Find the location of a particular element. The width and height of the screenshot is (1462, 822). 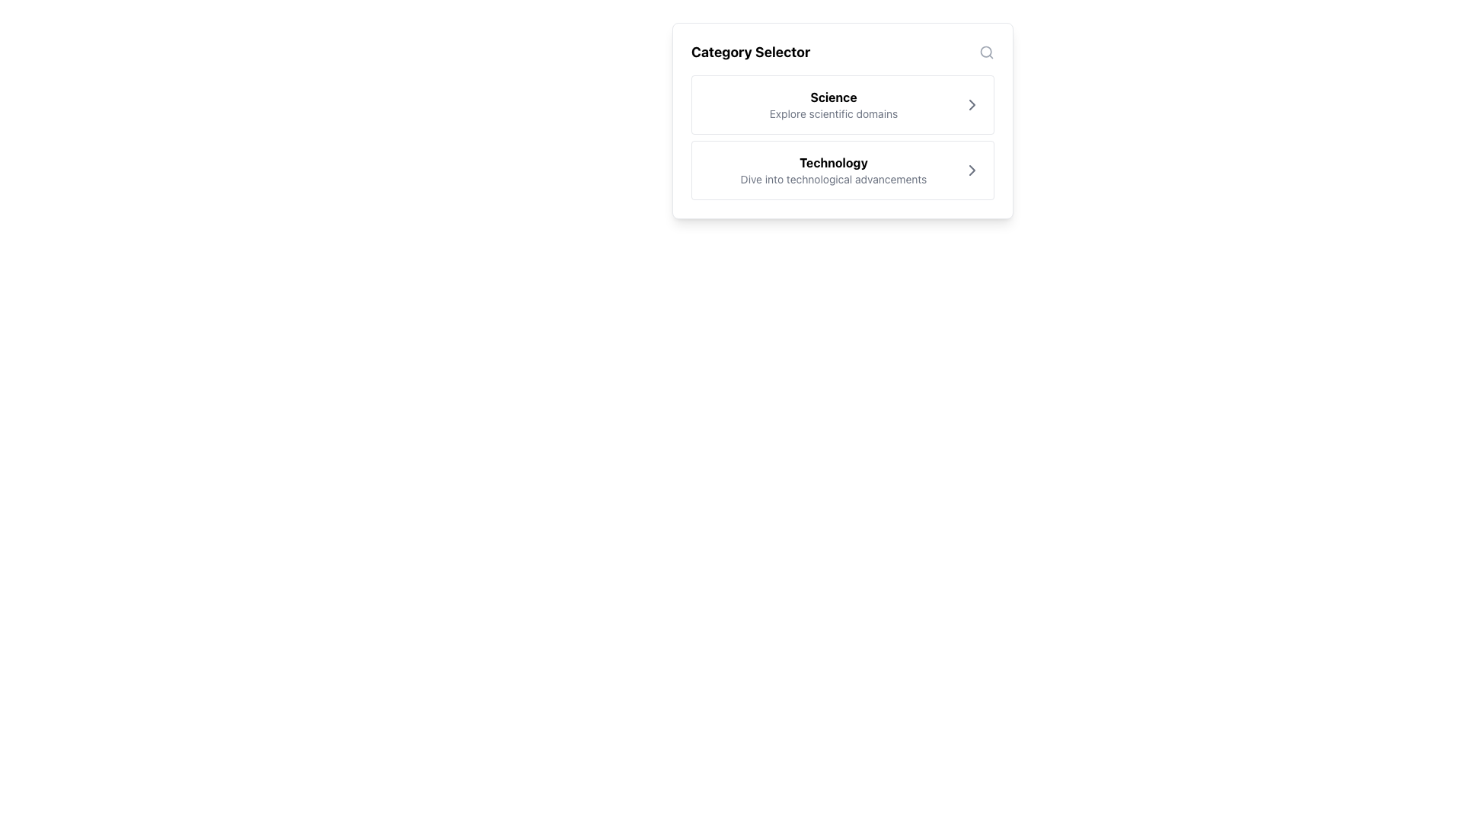

the rightward-facing gray chevron icon button located at the far right of the 'Technology' entry in the Category Selector is located at coordinates (971, 170).